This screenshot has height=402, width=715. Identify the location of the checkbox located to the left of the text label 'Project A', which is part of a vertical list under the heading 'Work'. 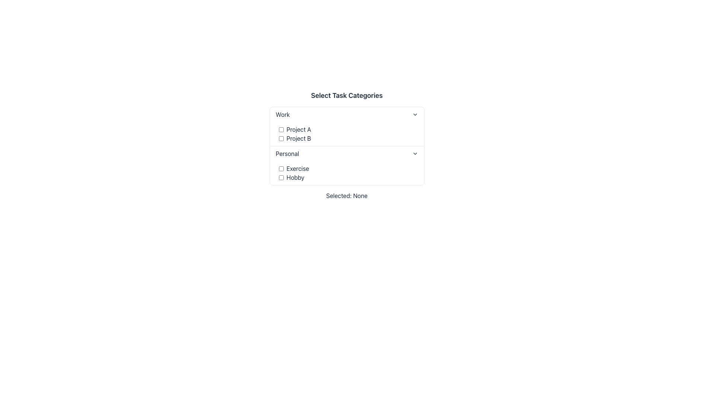
(280, 129).